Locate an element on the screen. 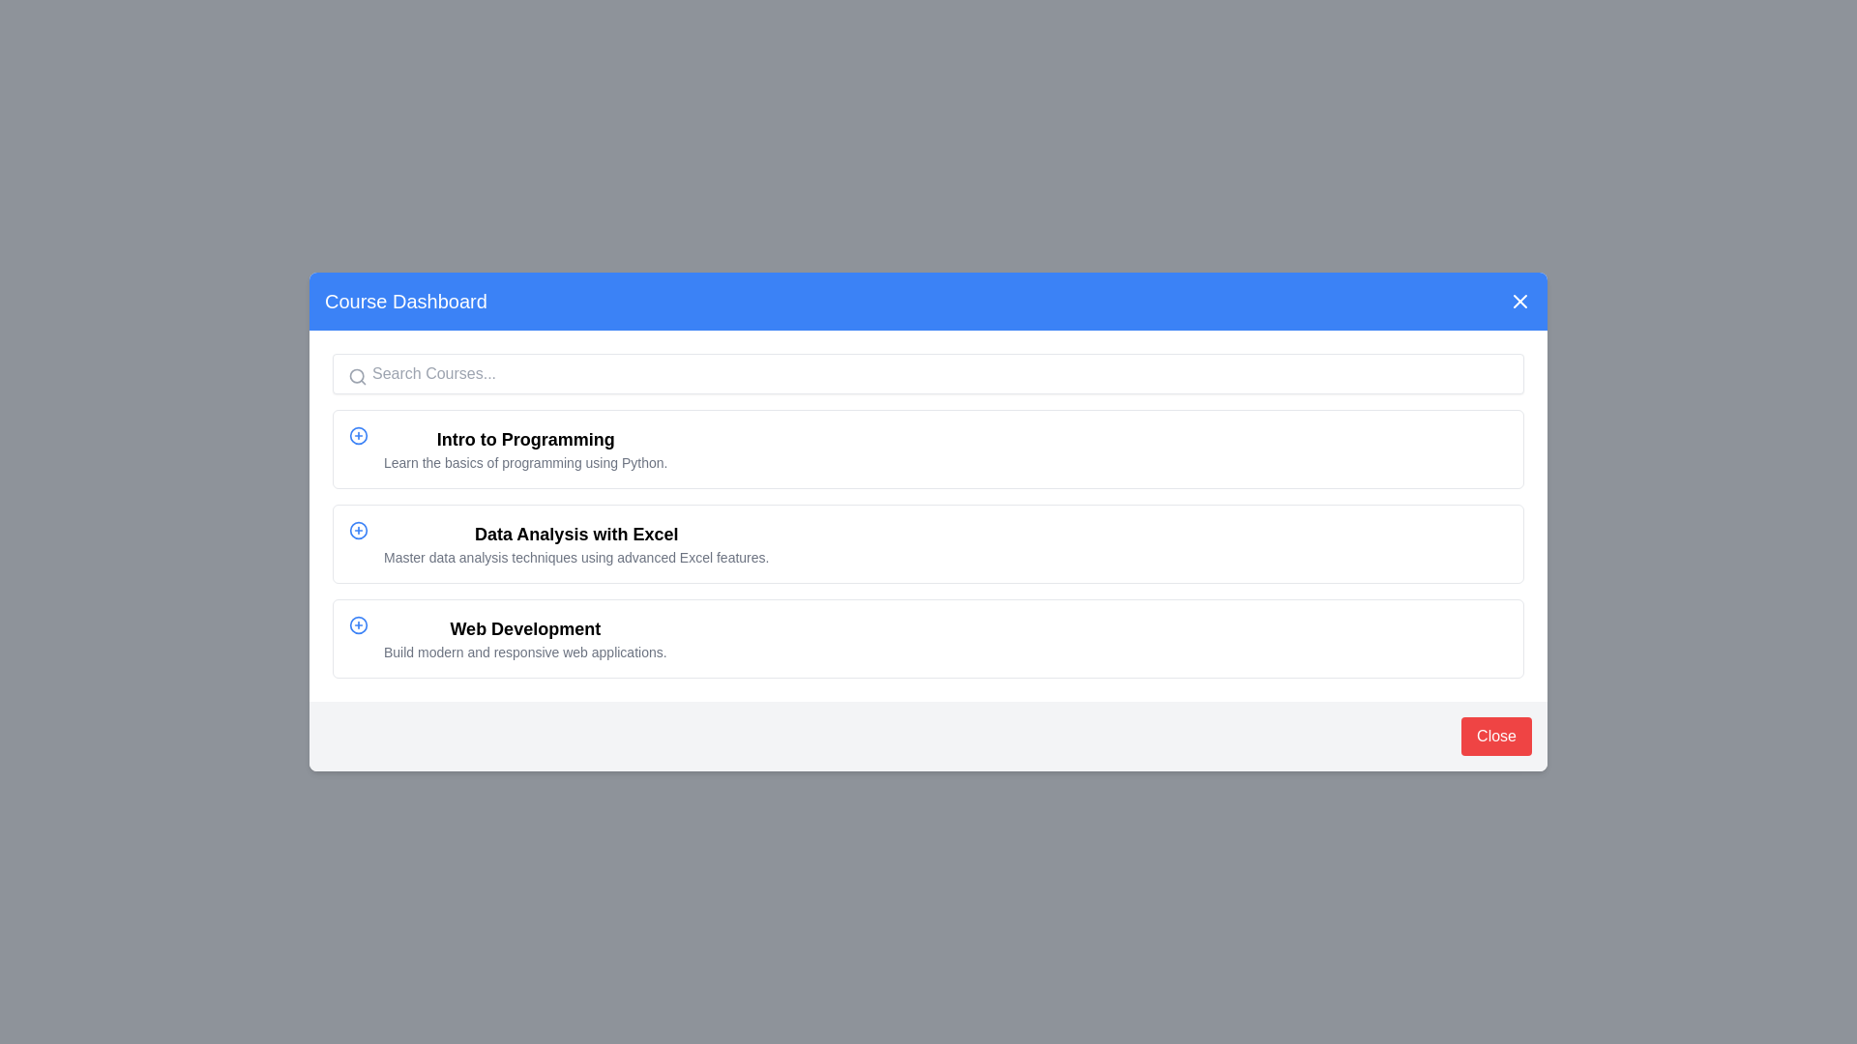  the text label that reads 'Build modern and responsive web applications.' which is located directly beneath the title 'Web Development' is located at coordinates (525, 652).